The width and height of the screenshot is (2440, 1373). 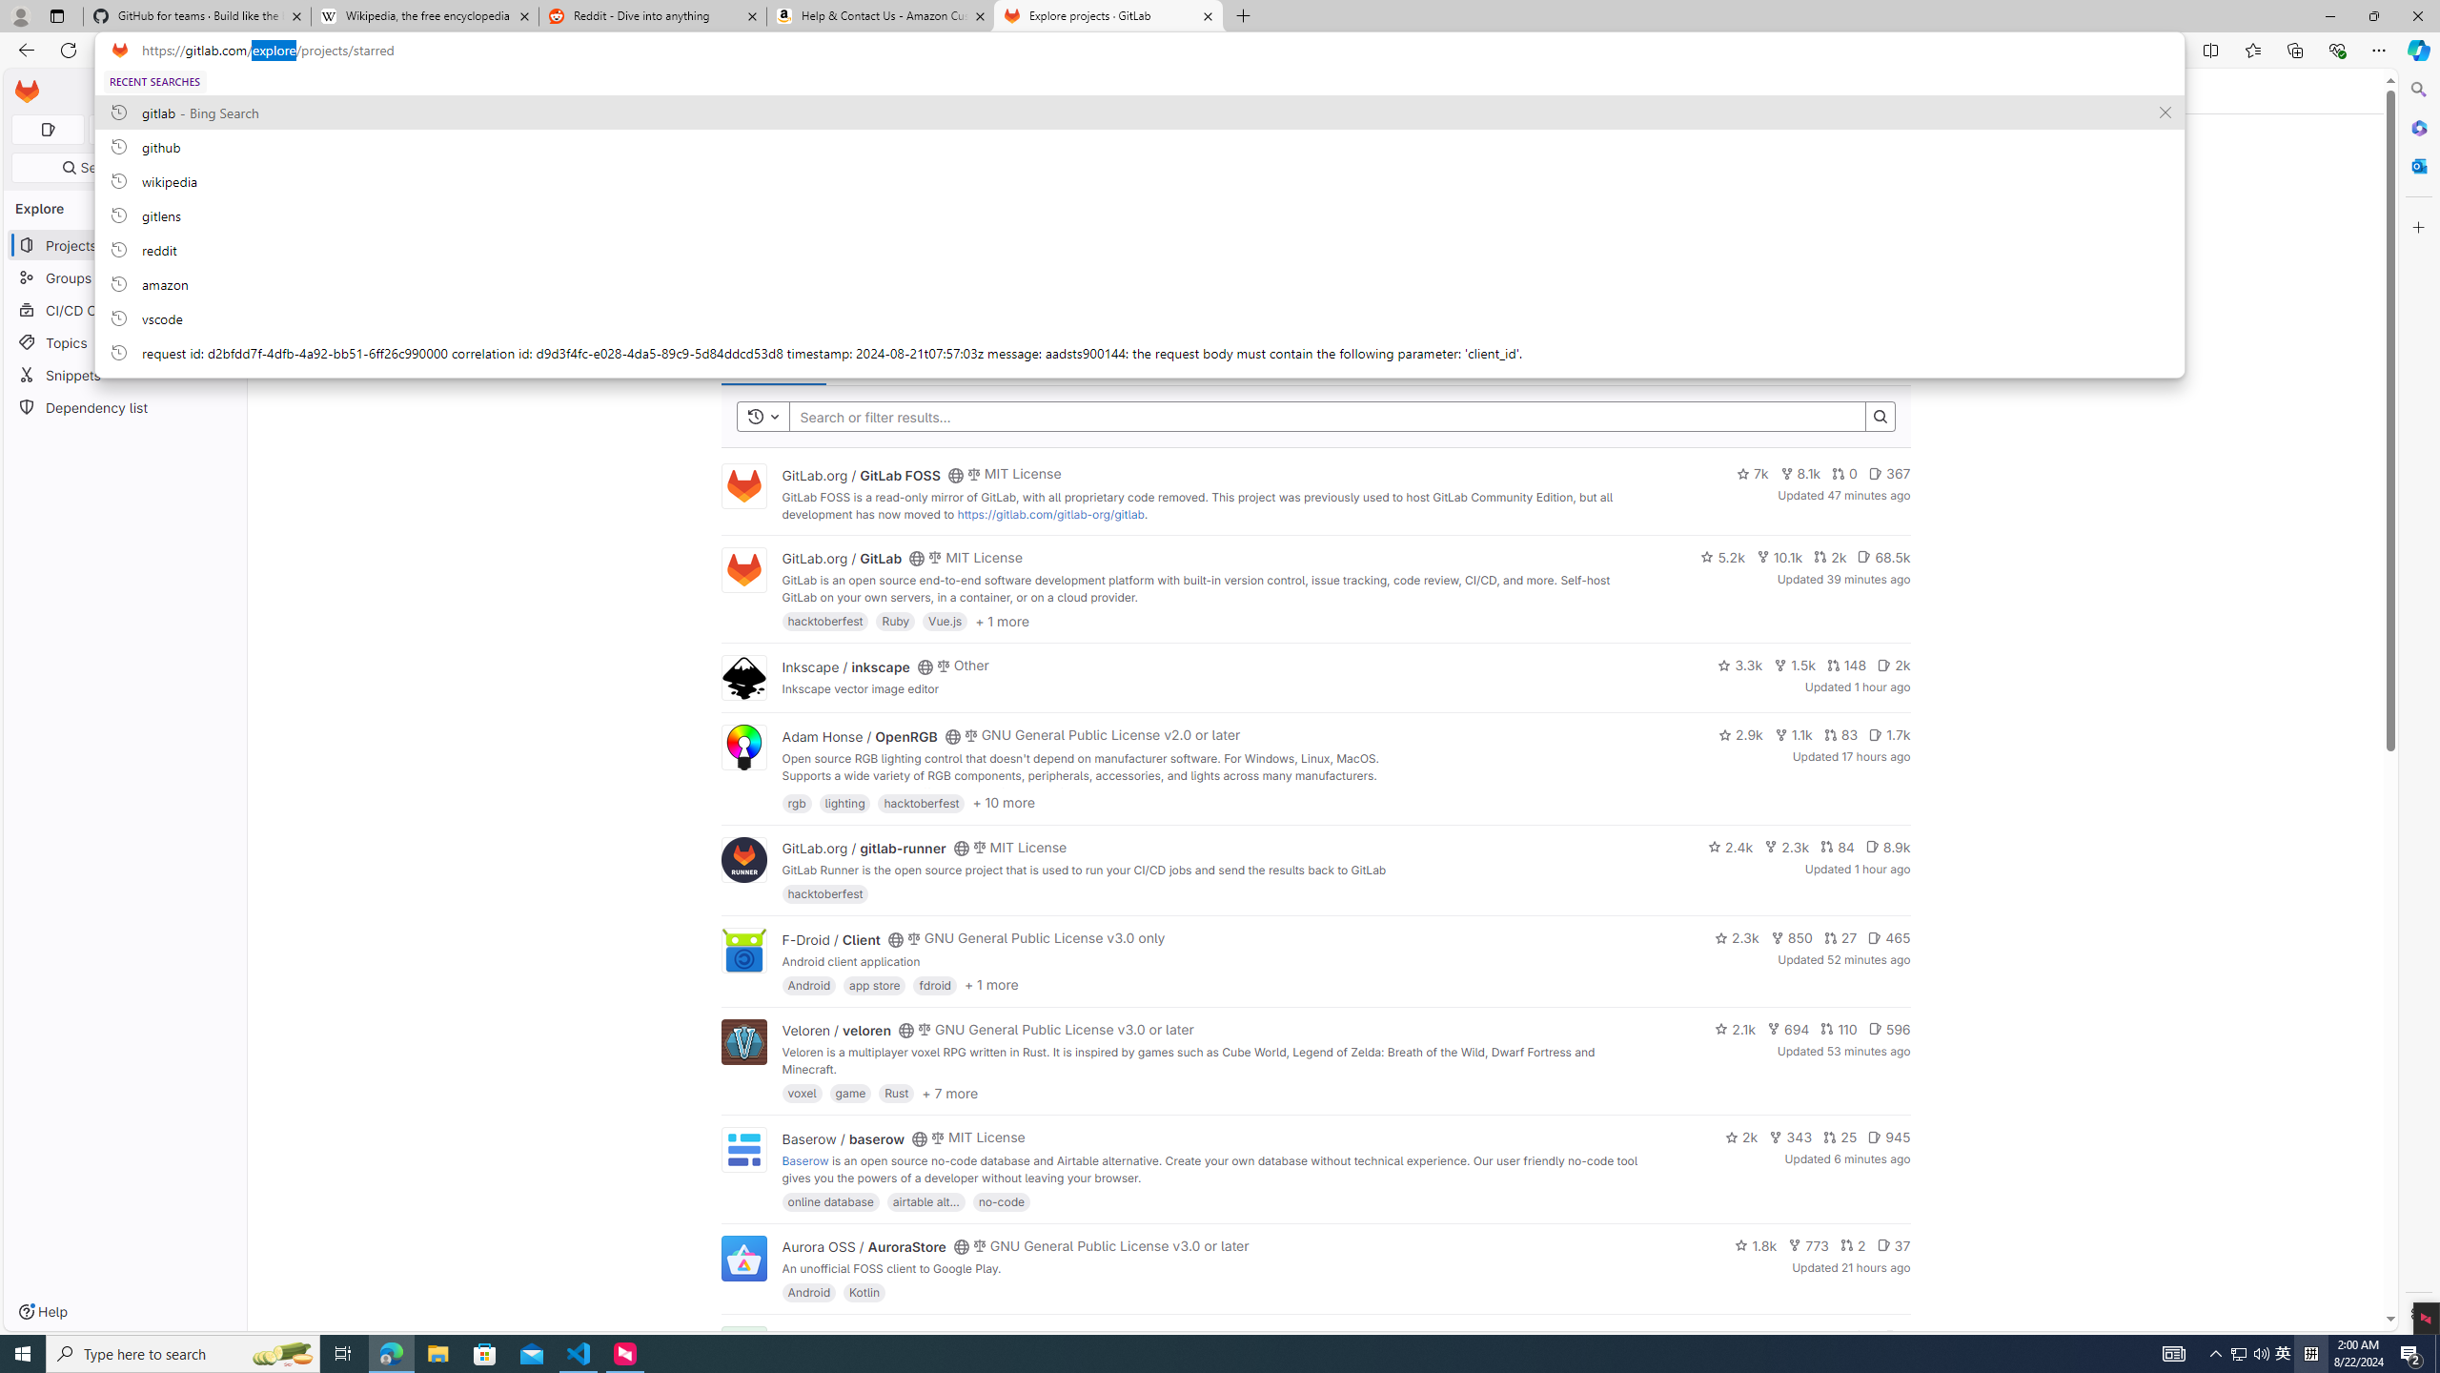 What do you see at coordinates (830, 1200) in the screenshot?
I see `'online database'` at bounding box center [830, 1200].